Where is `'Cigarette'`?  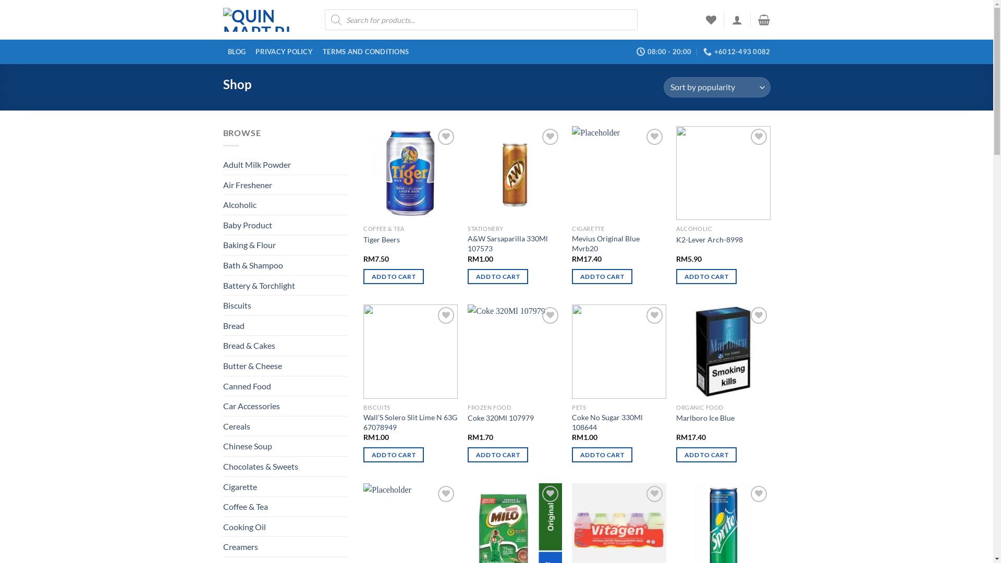 'Cigarette' is located at coordinates (222, 486).